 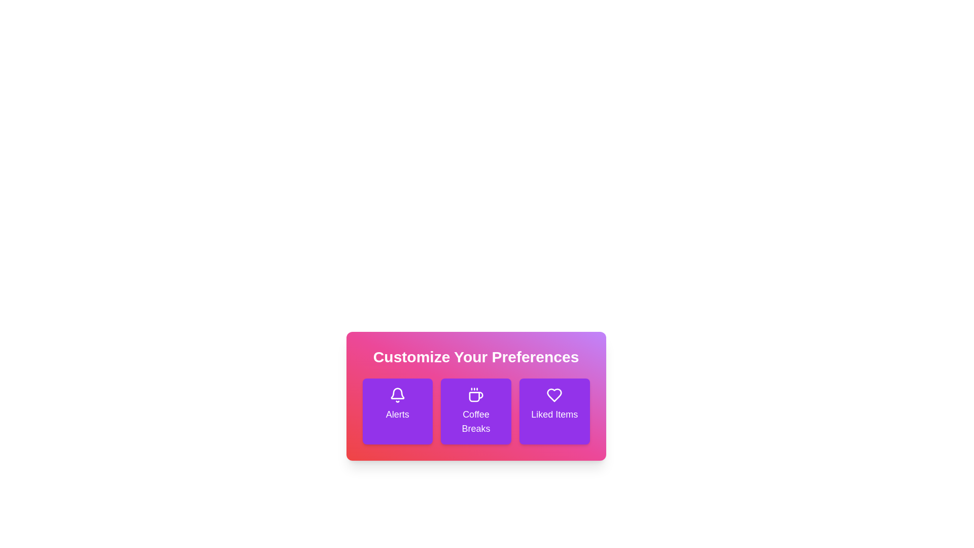 I want to click on the 'Coffee Breaks' button, which has a purple background and is the second button in a grid layout titled 'Customize Your Preferences', so click(x=475, y=411).